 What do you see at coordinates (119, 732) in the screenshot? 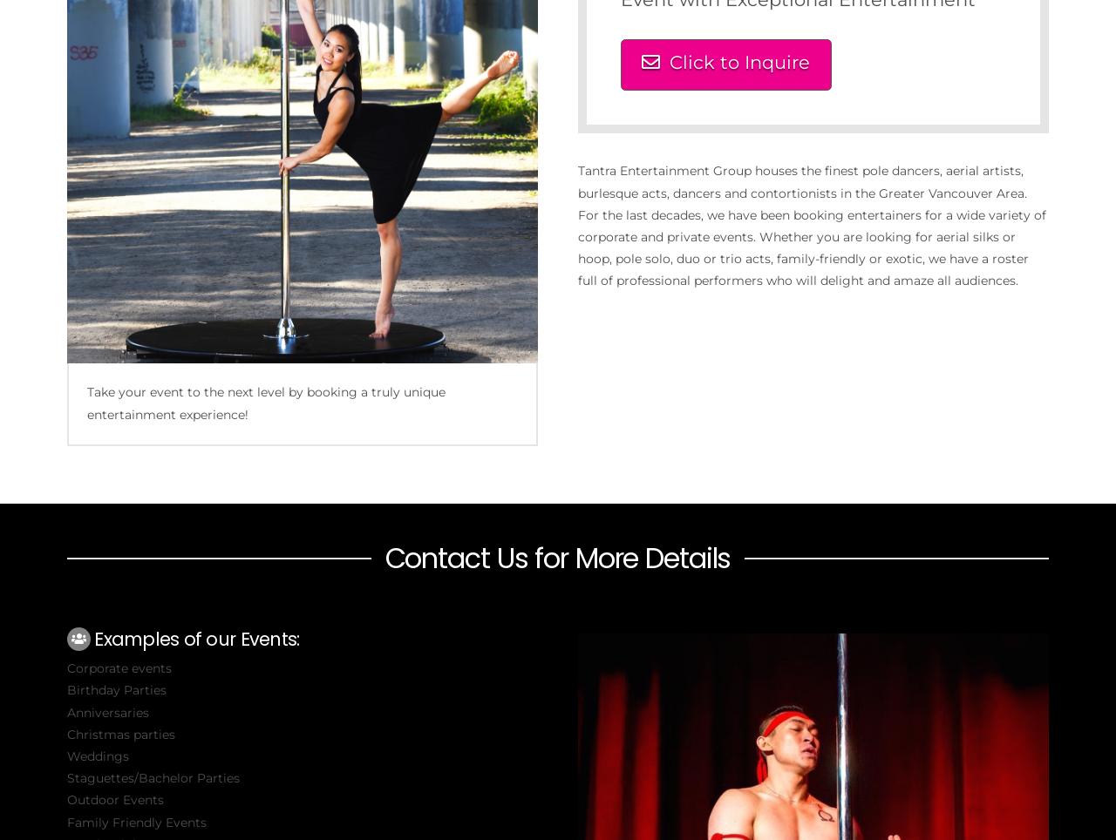
I see `'Christmas parties'` at bounding box center [119, 732].